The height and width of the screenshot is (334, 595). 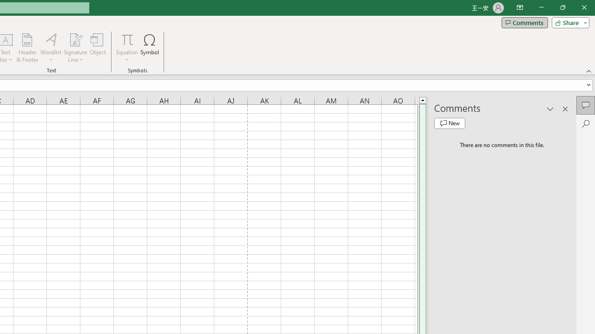 What do you see at coordinates (541, 7) in the screenshot?
I see `'Minimize'` at bounding box center [541, 7].